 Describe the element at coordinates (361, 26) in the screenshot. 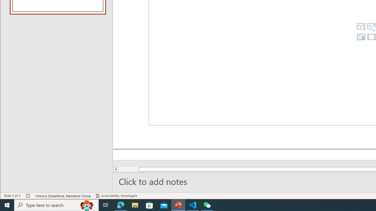

I see `'Stock Images'` at that location.